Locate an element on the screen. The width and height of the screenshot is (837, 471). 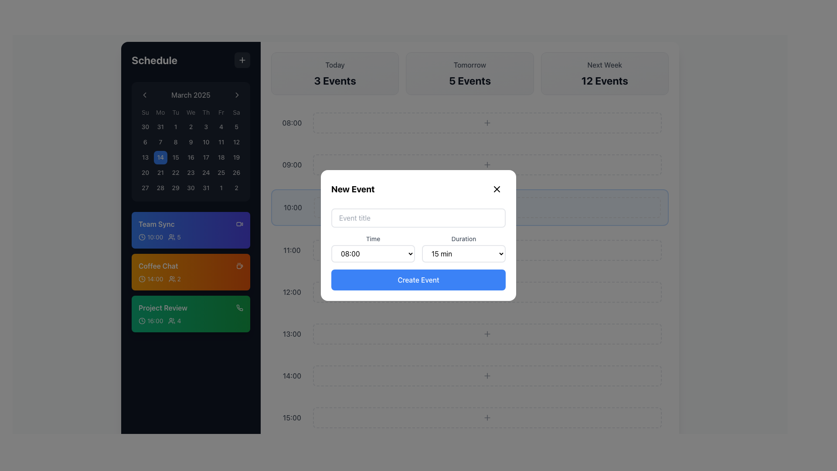
the button representing the date 31st in the calendar view is located at coordinates (160, 127).